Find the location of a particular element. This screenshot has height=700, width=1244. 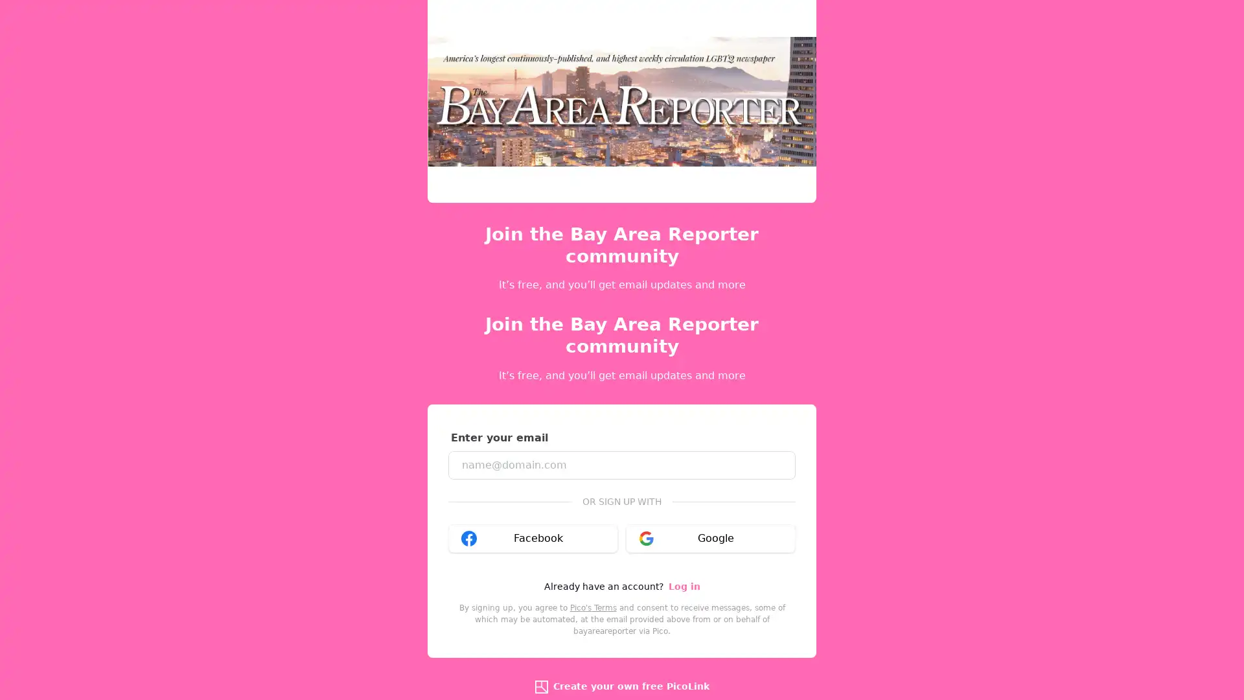

Log in is located at coordinates (683, 585).